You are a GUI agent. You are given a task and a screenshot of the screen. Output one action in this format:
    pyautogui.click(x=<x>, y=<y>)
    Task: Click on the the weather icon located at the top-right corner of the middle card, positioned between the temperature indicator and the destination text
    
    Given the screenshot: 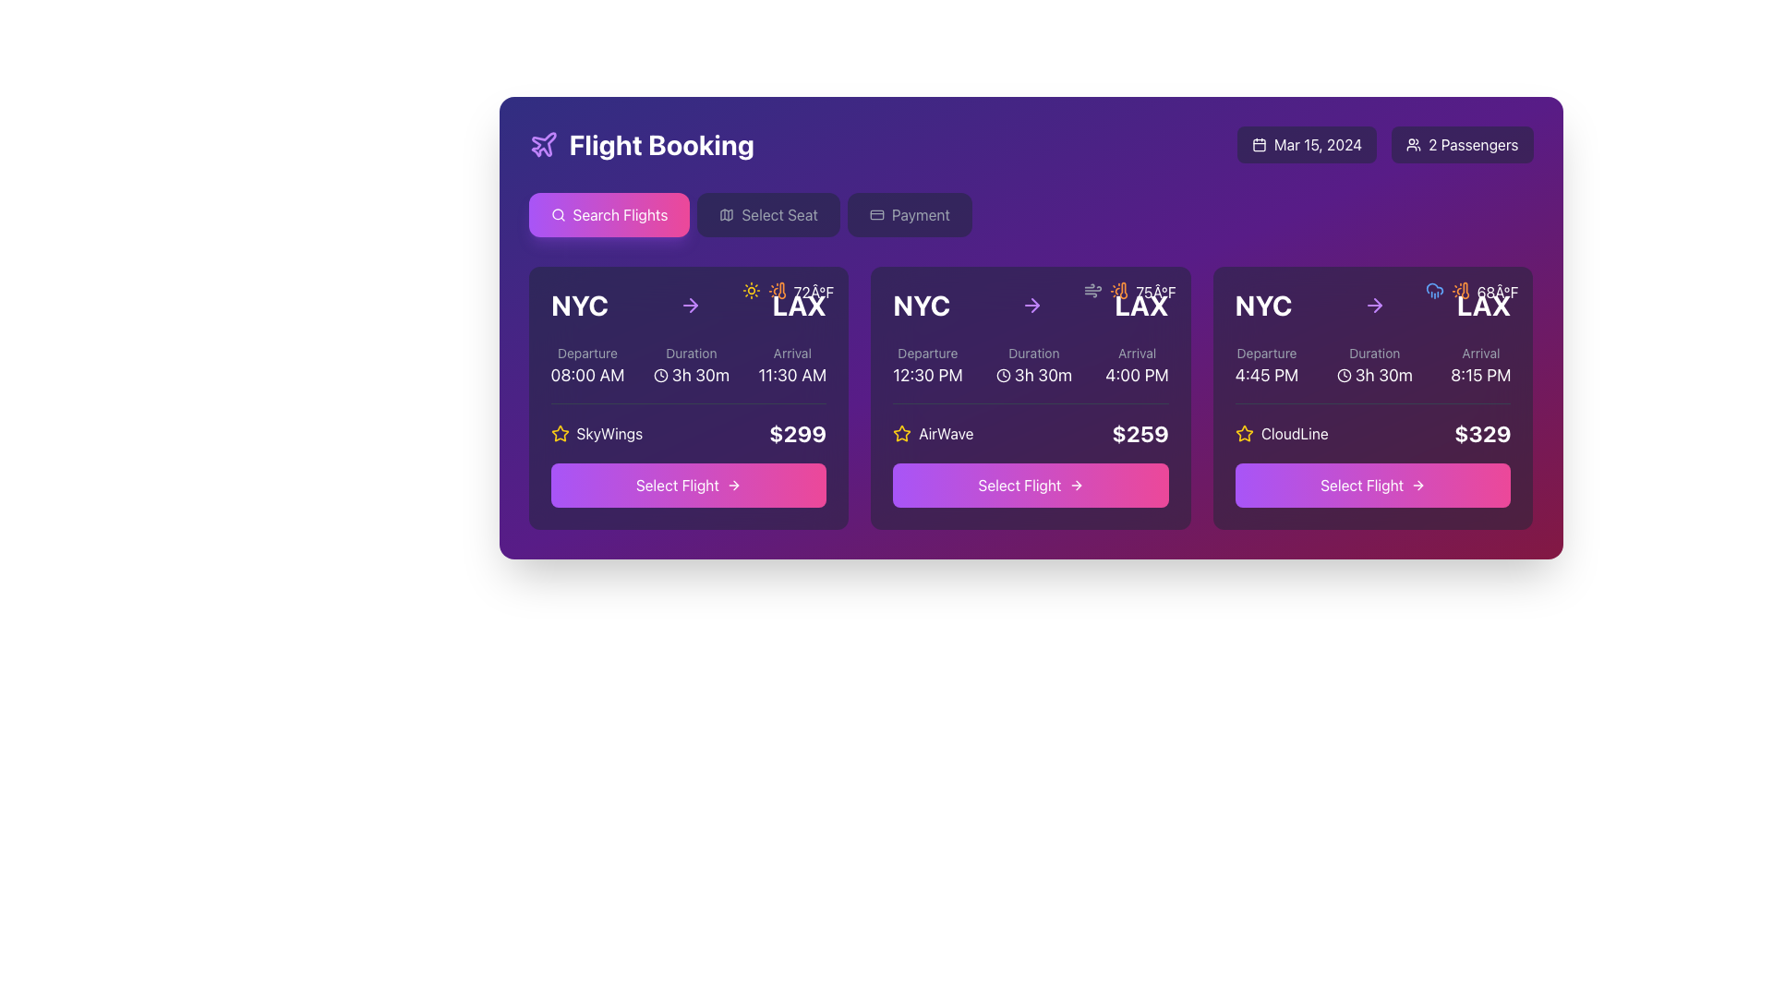 What is the action you would take?
    pyautogui.click(x=1093, y=291)
    